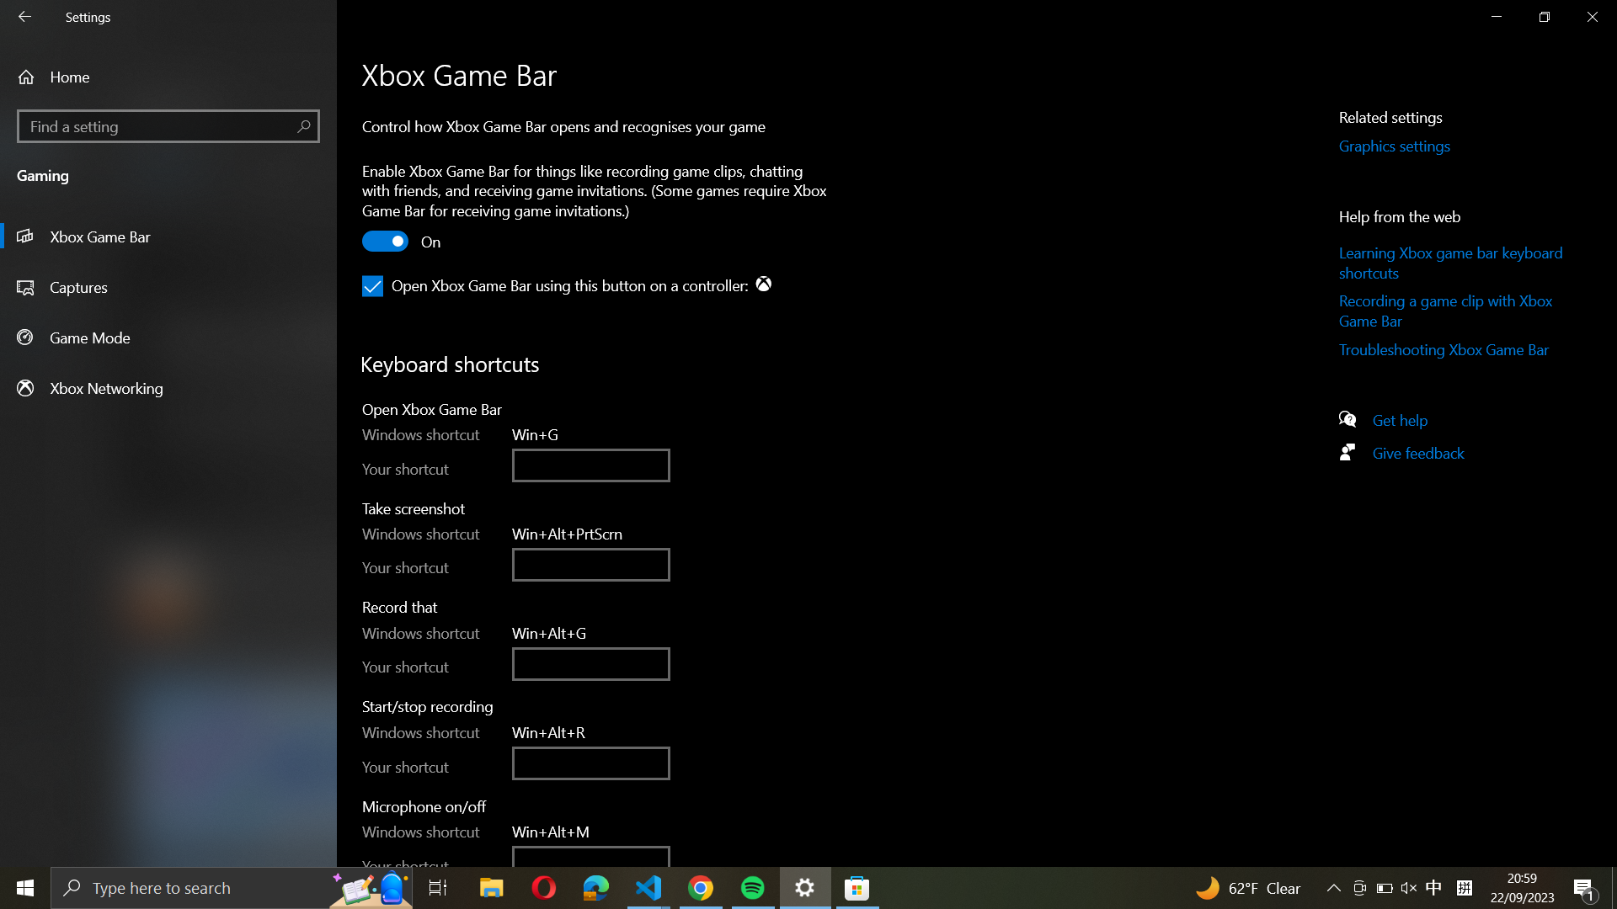  I want to click on Turn off the Xbox Game Bar by clicking on the disable toggle, so click(386, 243).